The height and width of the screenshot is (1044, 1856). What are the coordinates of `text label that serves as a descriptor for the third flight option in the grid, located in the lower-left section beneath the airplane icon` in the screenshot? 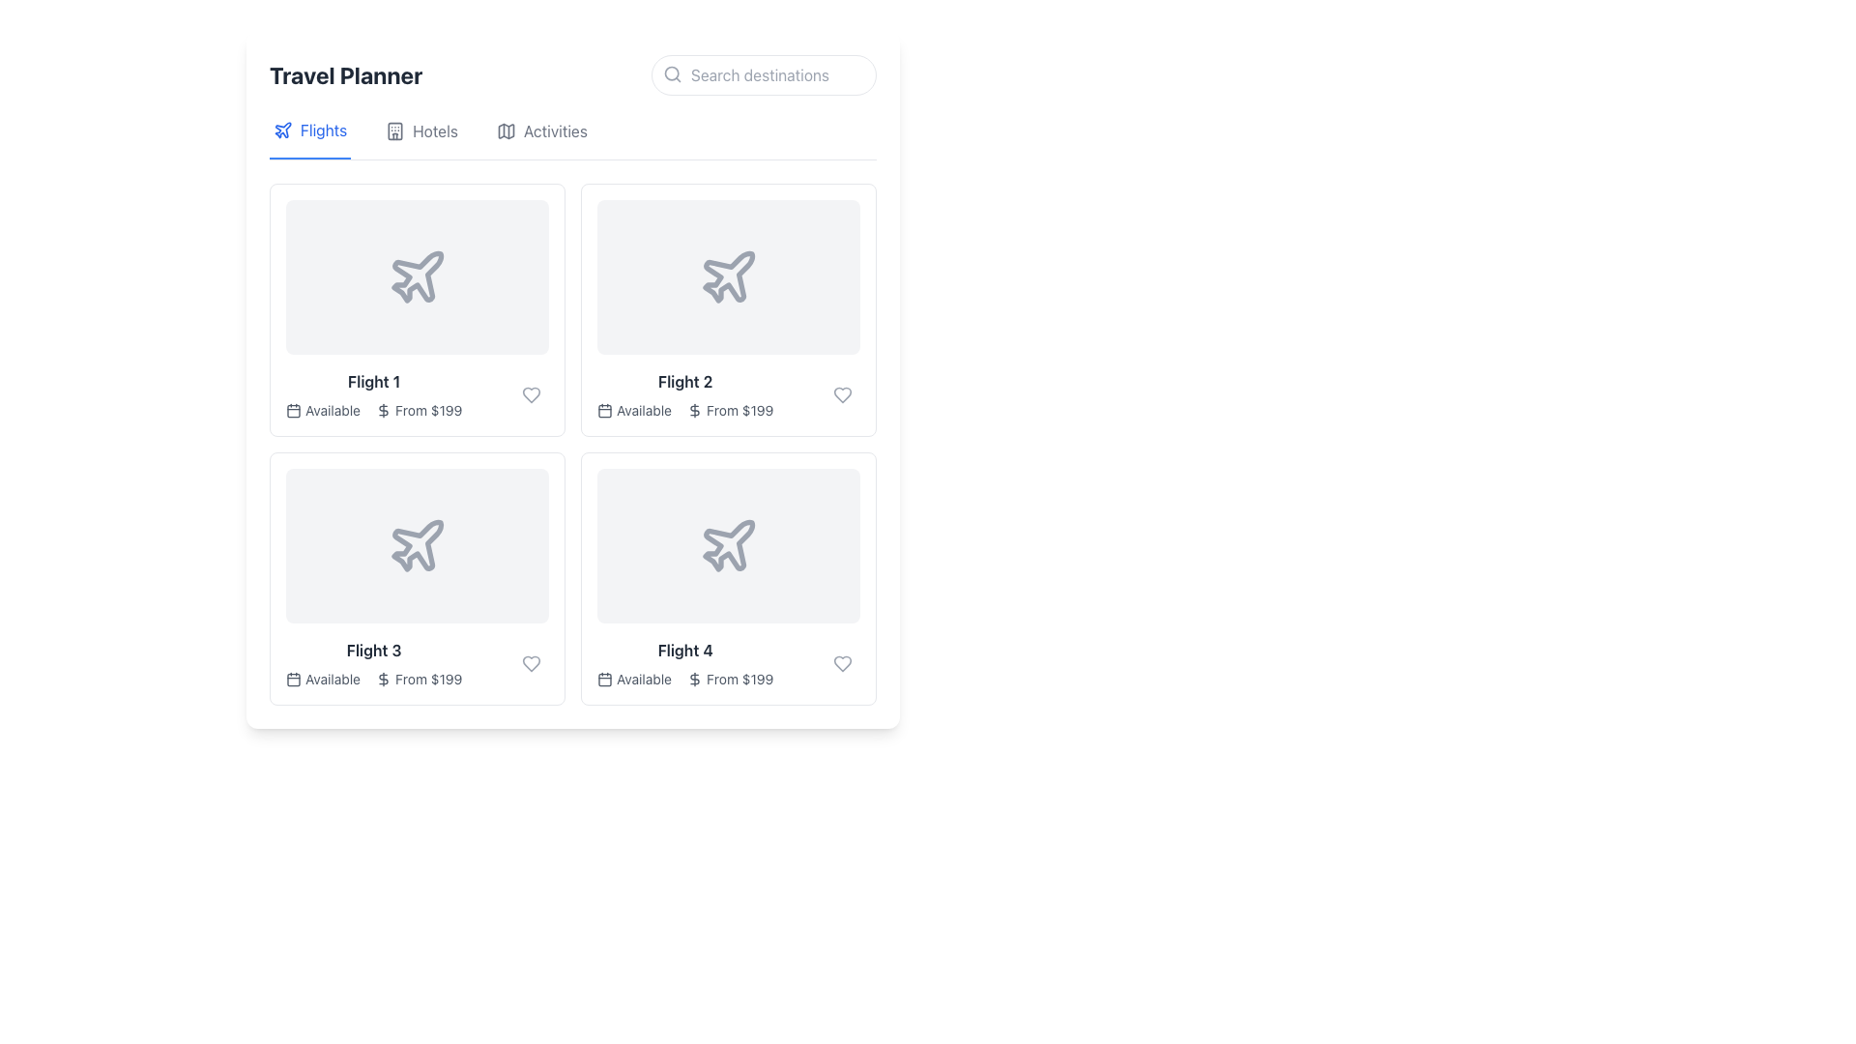 It's located at (374, 650).